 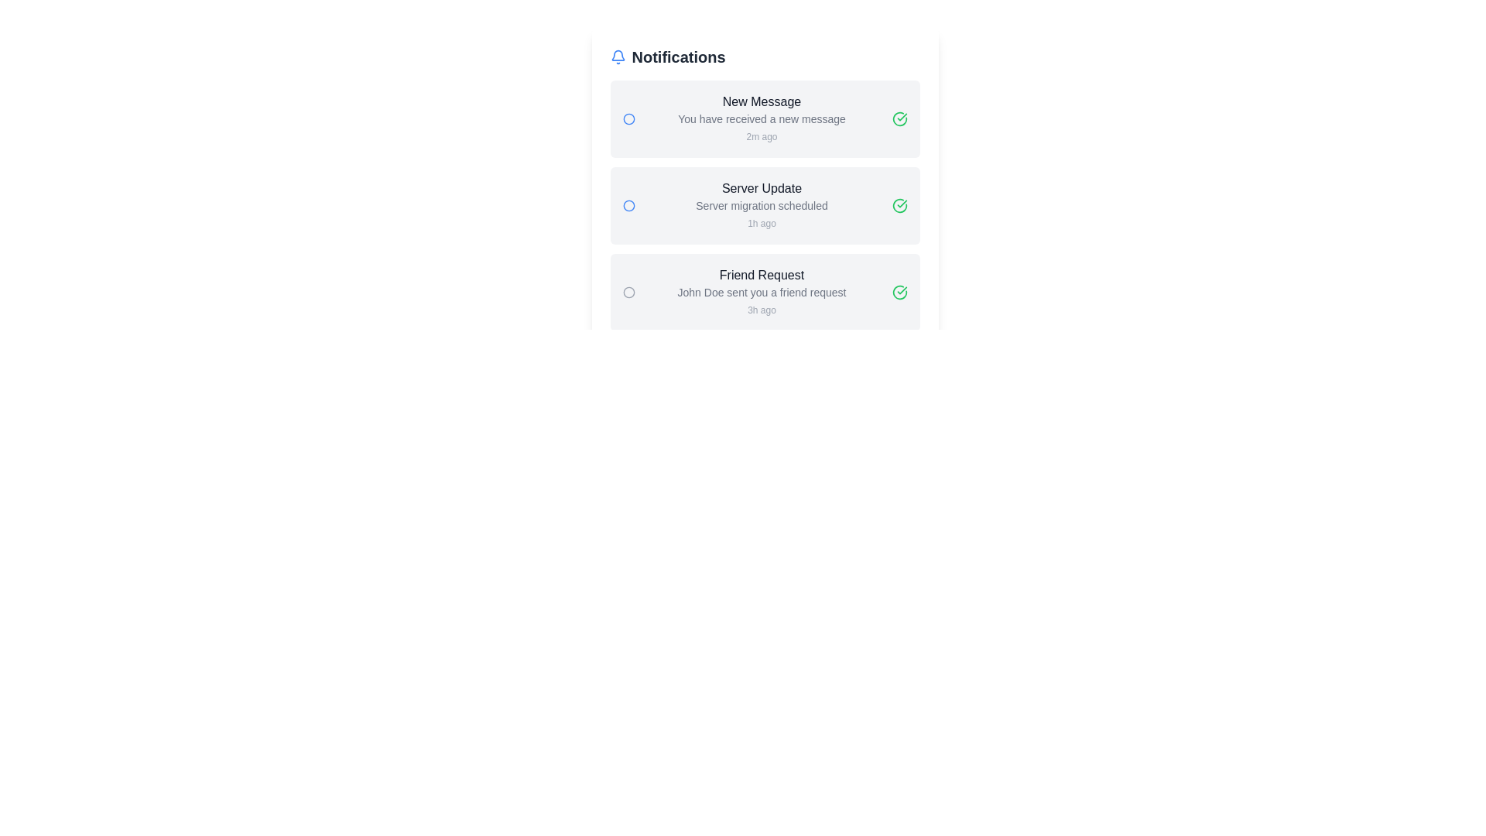 What do you see at coordinates (899, 293) in the screenshot?
I see `the confirmation icon button for the friend request notification associated with 'John Doe'` at bounding box center [899, 293].